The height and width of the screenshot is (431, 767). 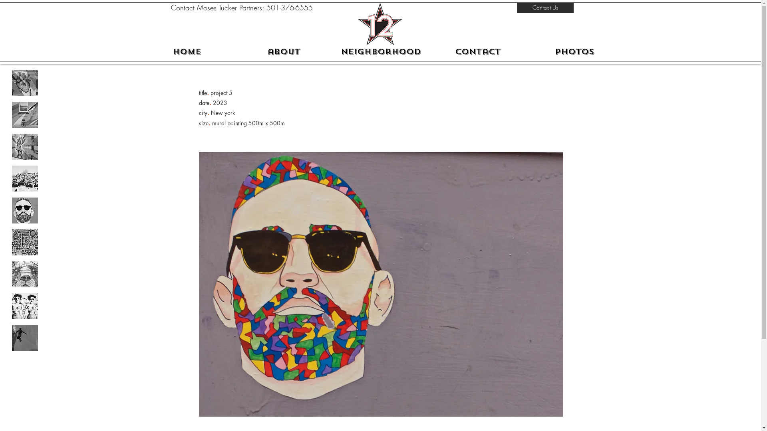 I want to click on 'HOME', so click(x=186, y=52).